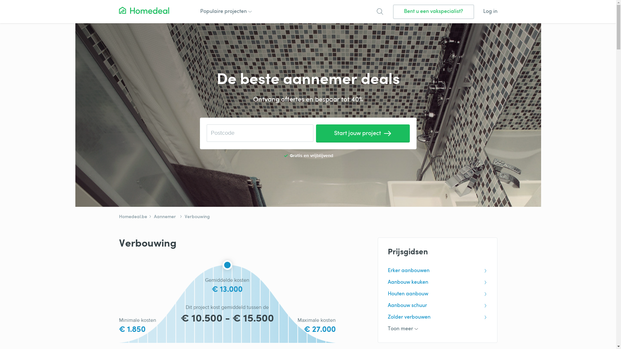  Describe the element at coordinates (133, 217) in the screenshot. I see `'Homedeal.be'` at that location.